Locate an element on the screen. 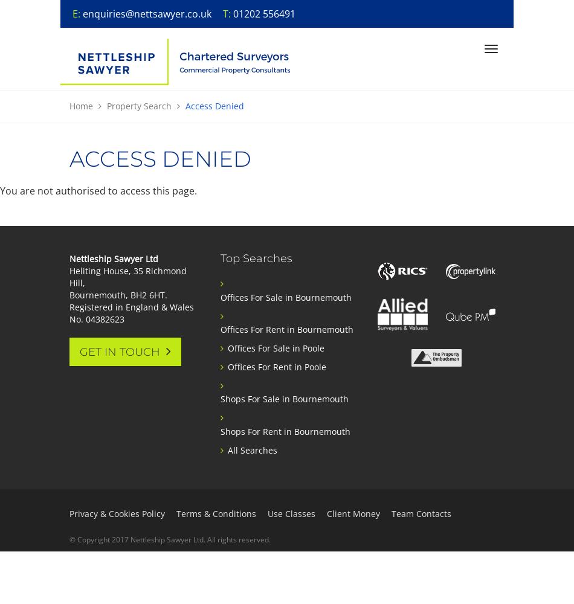  'All Searches' is located at coordinates (252, 449).